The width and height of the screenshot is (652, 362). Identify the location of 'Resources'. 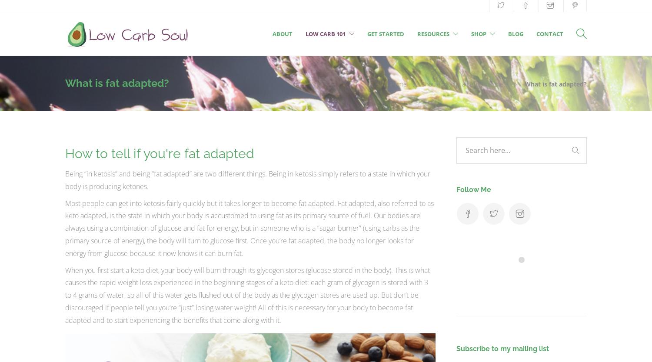
(433, 33).